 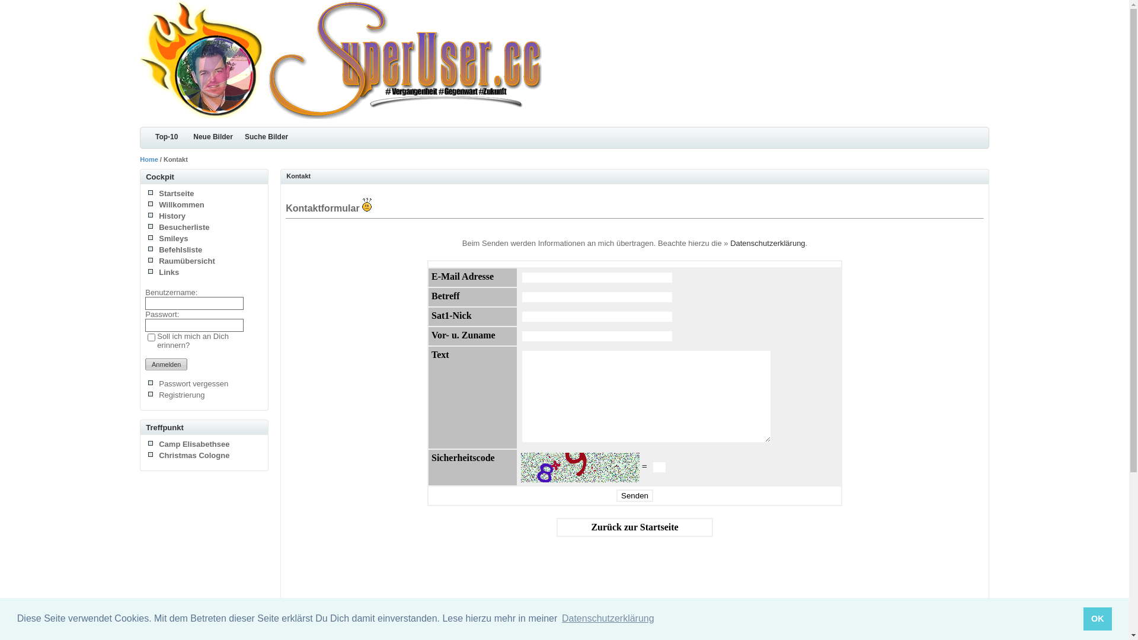 What do you see at coordinates (158, 249) in the screenshot?
I see `'Befehlsliste'` at bounding box center [158, 249].